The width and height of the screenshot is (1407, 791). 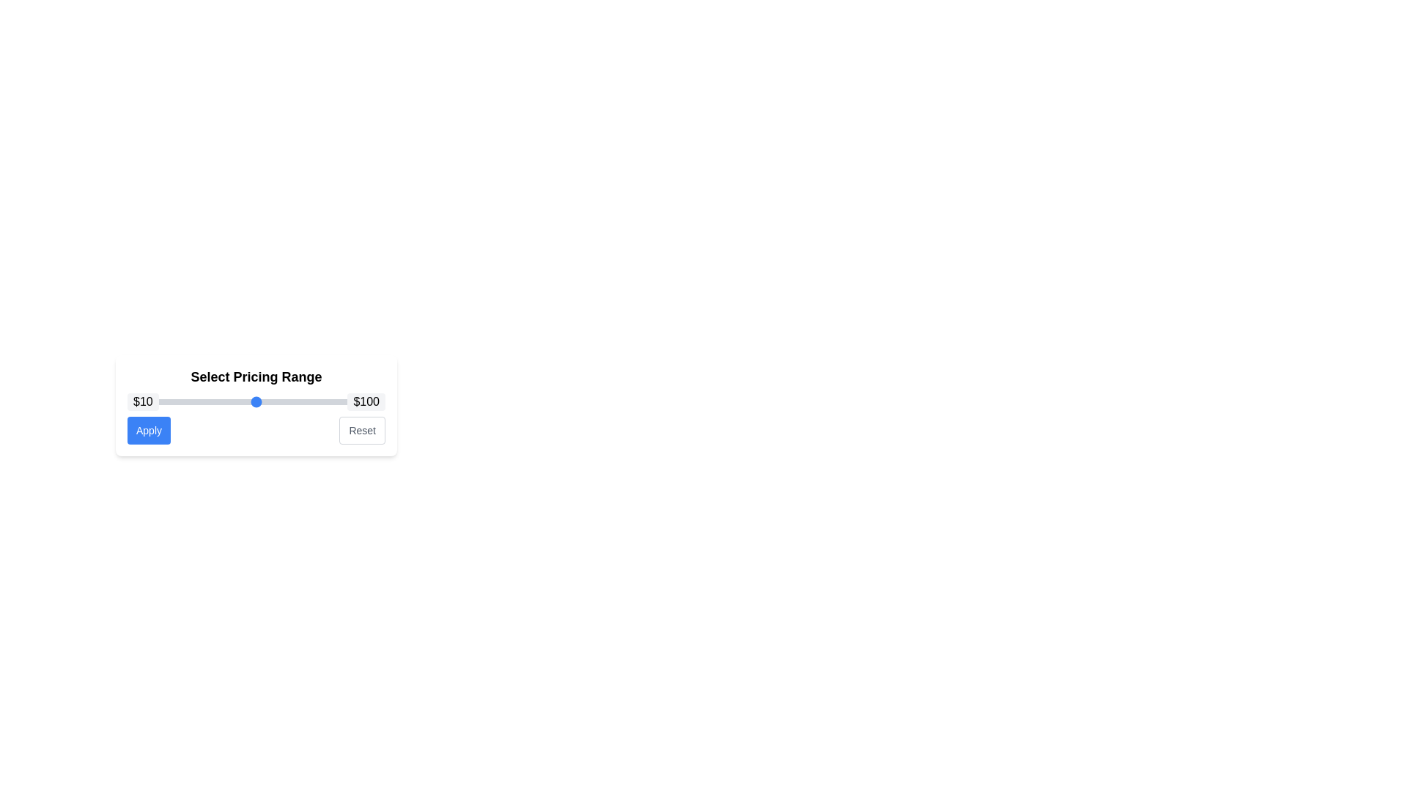 I want to click on the blue 'Apply' button with rounded corners, so click(x=149, y=429).